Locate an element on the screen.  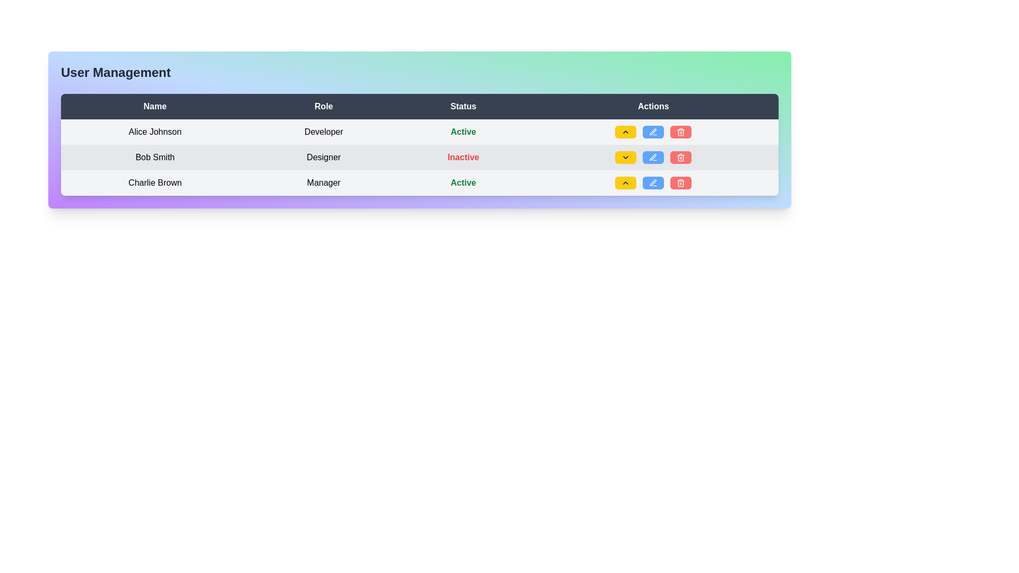
the pen icon button in the 'Actions' column for user 'Bob Smith' is located at coordinates (653, 158).